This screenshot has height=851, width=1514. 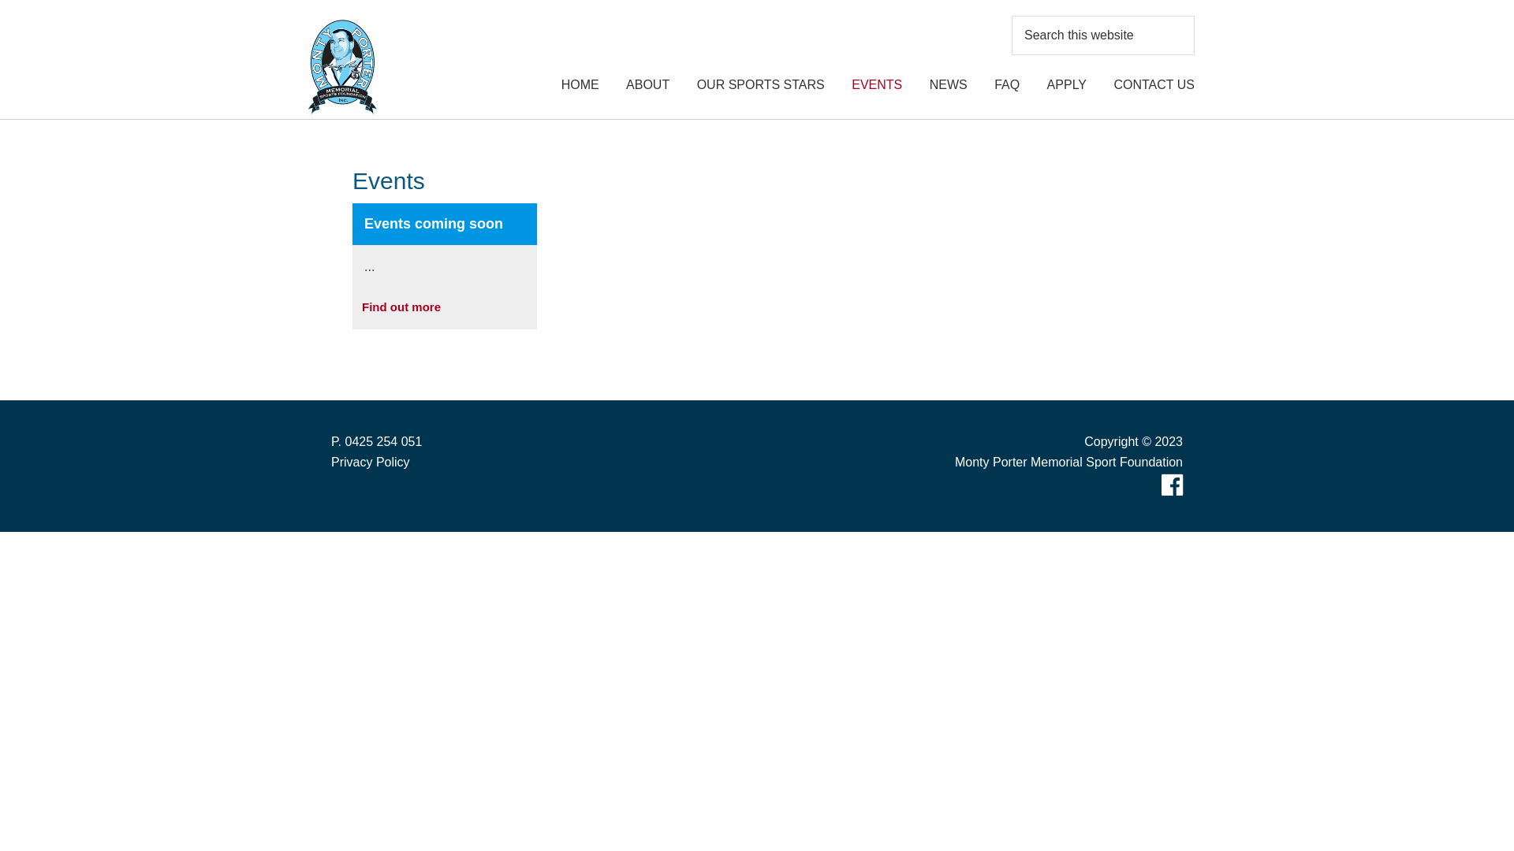 I want to click on 'Events coming soon', so click(x=351, y=224).